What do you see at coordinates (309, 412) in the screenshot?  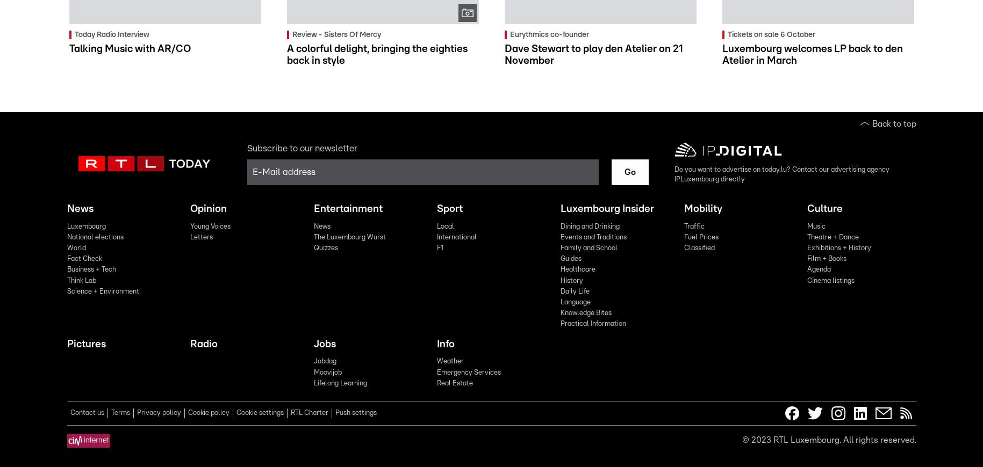 I see `'RTL Charter'` at bounding box center [309, 412].